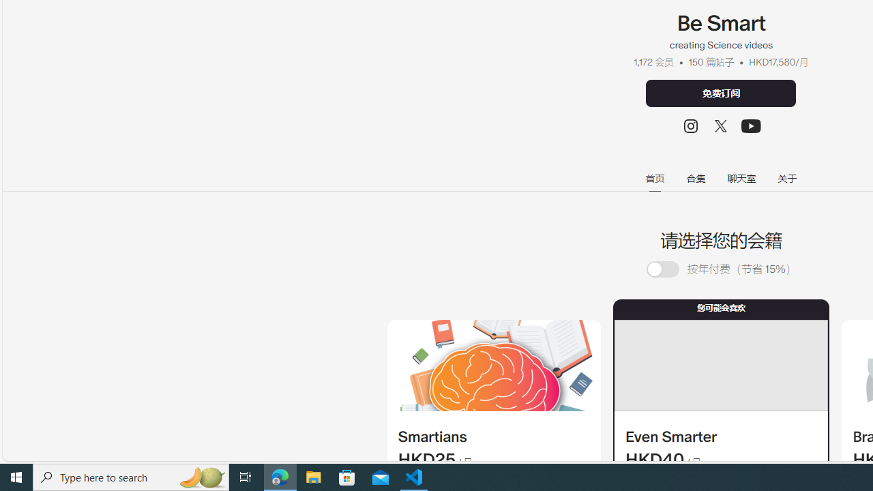 The width and height of the screenshot is (873, 491). What do you see at coordinates (751, 126) in the screenshot?
I see `'Class: sc-jrQzAO HeRcC sc-1b5vbhn-1 hqVCmM'` at bounding box center [751, 126].